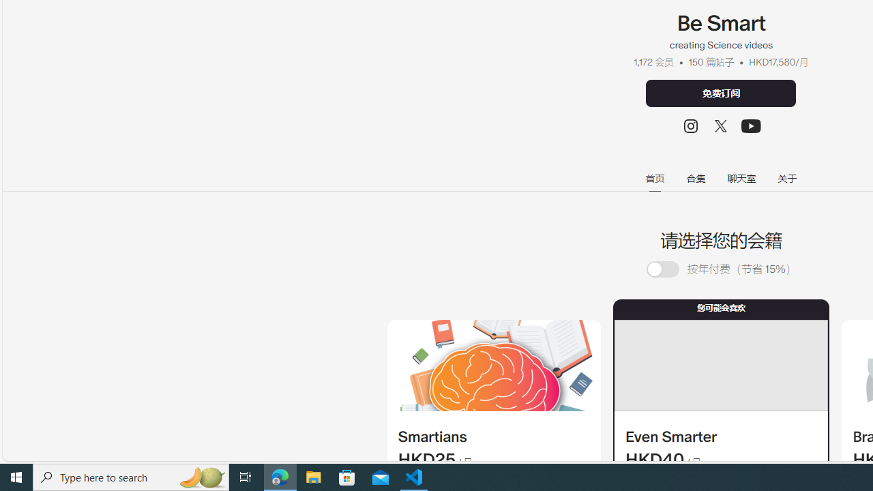 The width and height of the screenshot is (873, 491). What do you see at coordinates (751, 126) in the screenshot?
I see `'Class: sc-jrQzAO HeRcC sc-1b5vbhn-1 hqVCmM'` at bounding box center [751, 126].